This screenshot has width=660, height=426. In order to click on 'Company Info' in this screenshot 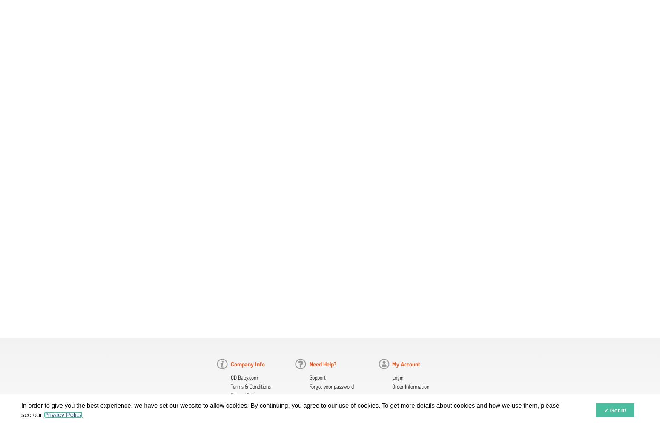, I will do `click(230, 363)`.